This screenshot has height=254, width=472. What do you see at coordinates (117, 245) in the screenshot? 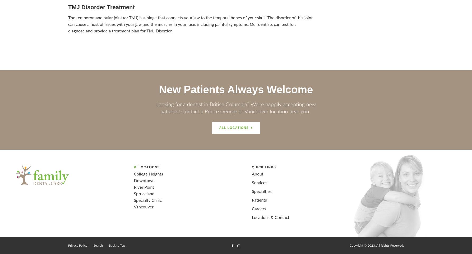
I see `'Back to Top'` at bounding box center [117, 245].